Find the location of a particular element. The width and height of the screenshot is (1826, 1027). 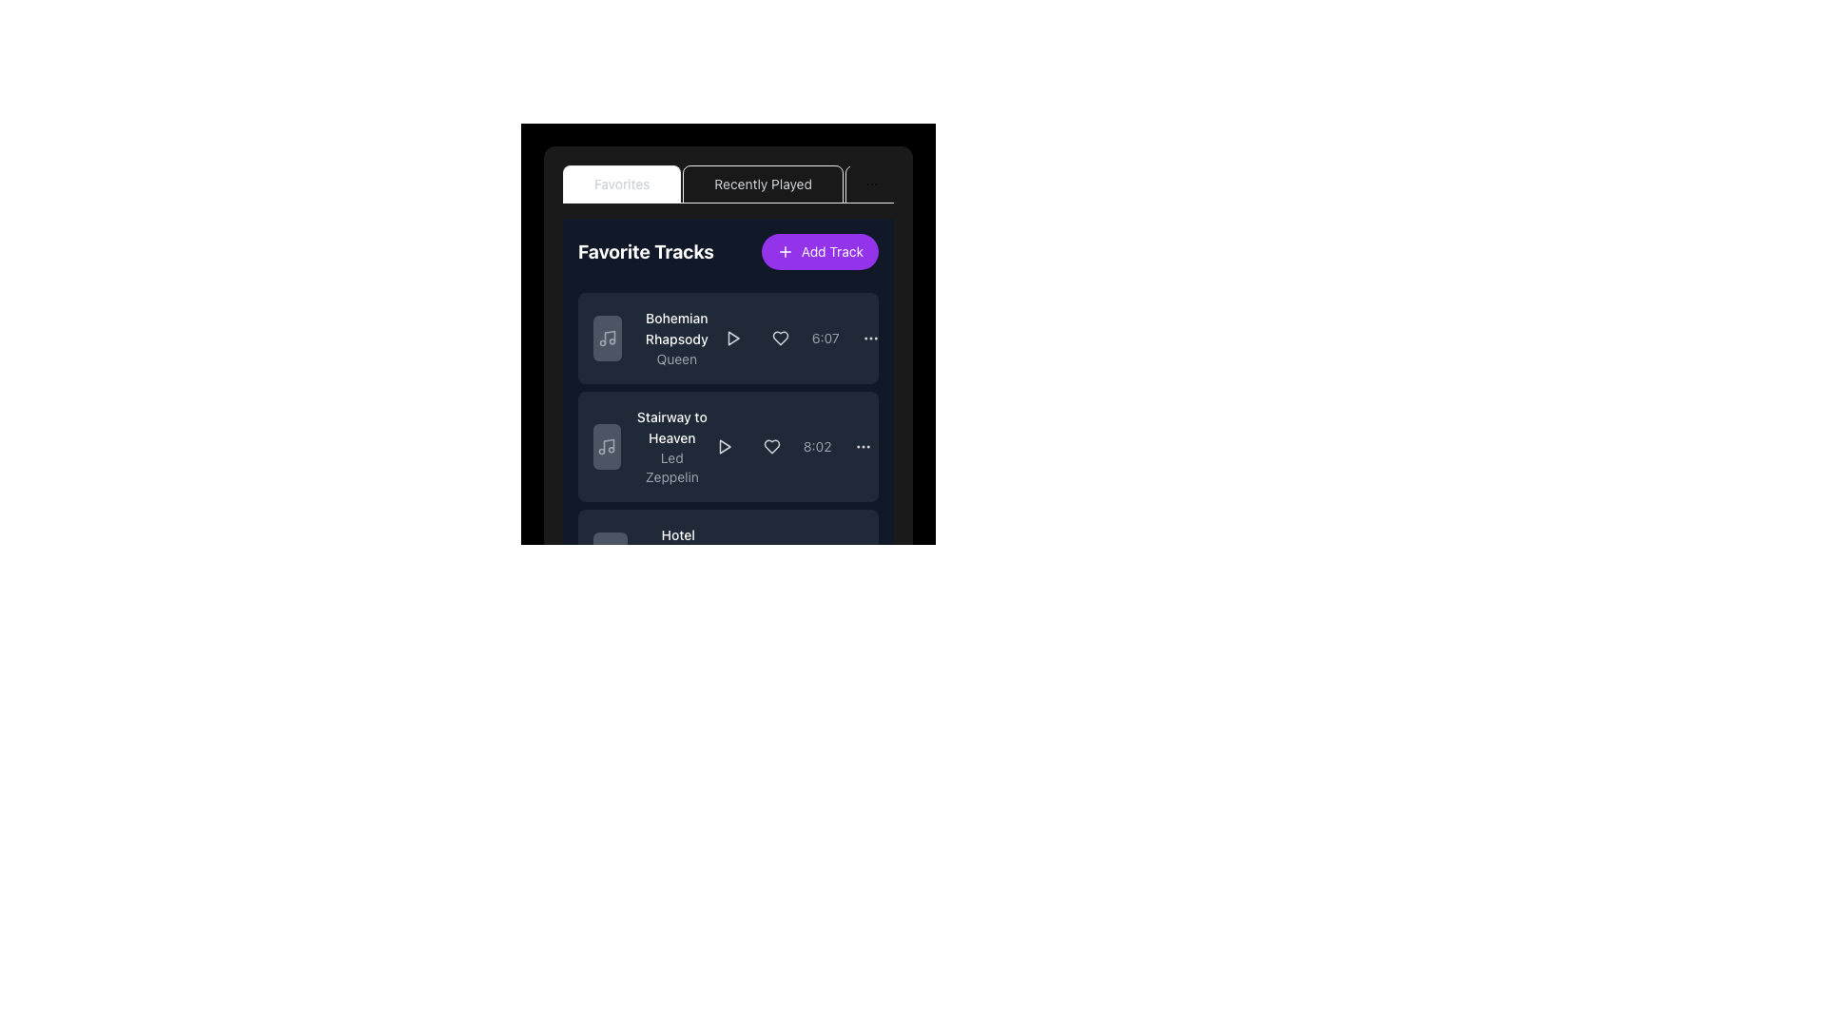

the pill-shaped button with a purple background and white text 'Add Track' is located at coordinates (820, 251).